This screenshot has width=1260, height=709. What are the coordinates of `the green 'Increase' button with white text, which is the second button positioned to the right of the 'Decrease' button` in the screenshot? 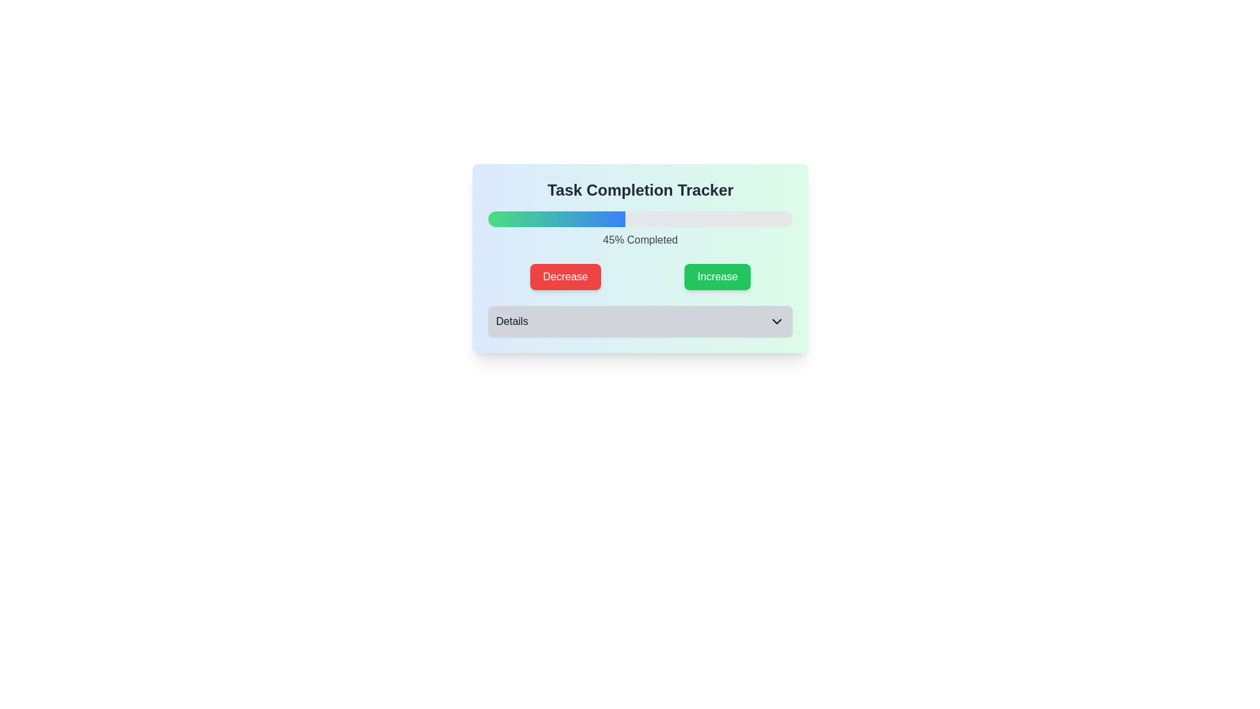 It's located at (717, 276).